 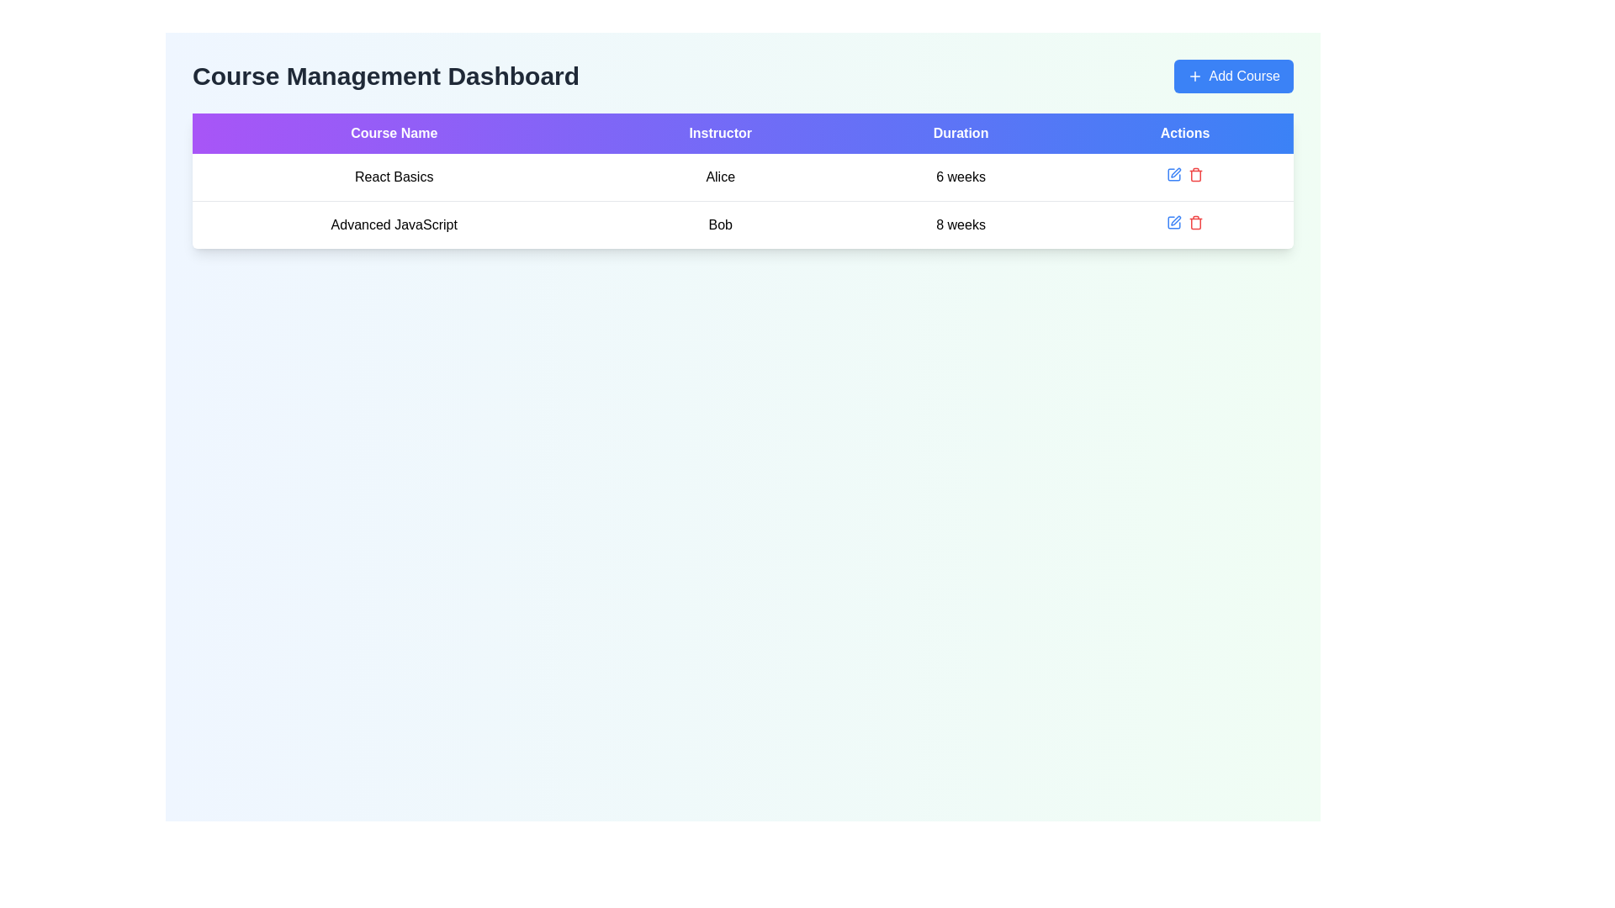 I want to click on the pencil icon button located in the second row of the table under the 'Actions' column, so click(x=1175, y=219).